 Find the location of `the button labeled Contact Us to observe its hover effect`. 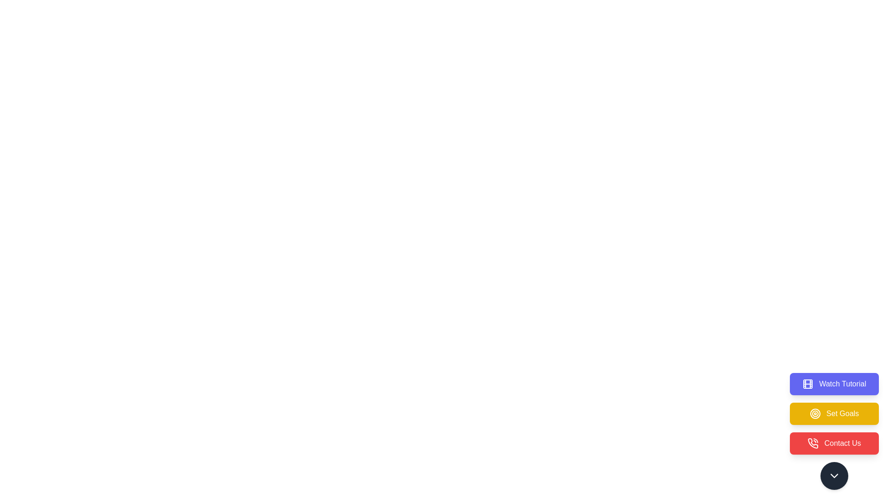

the button labeled Contact Us to observe its hover effect is located at coordinates (834, 443).